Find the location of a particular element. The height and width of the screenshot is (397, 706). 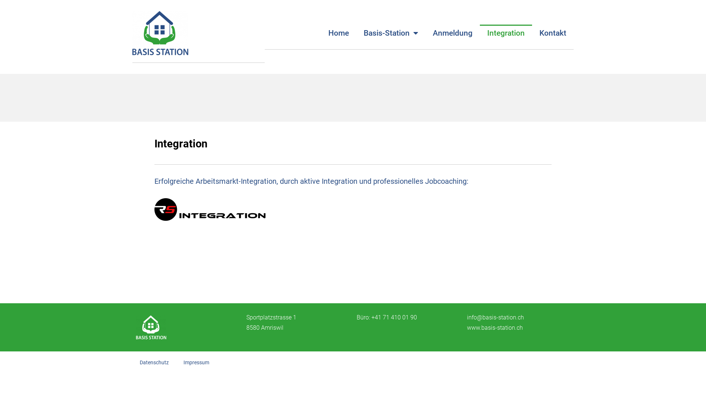

'Kontakt' is located at coordinates (553, 32).